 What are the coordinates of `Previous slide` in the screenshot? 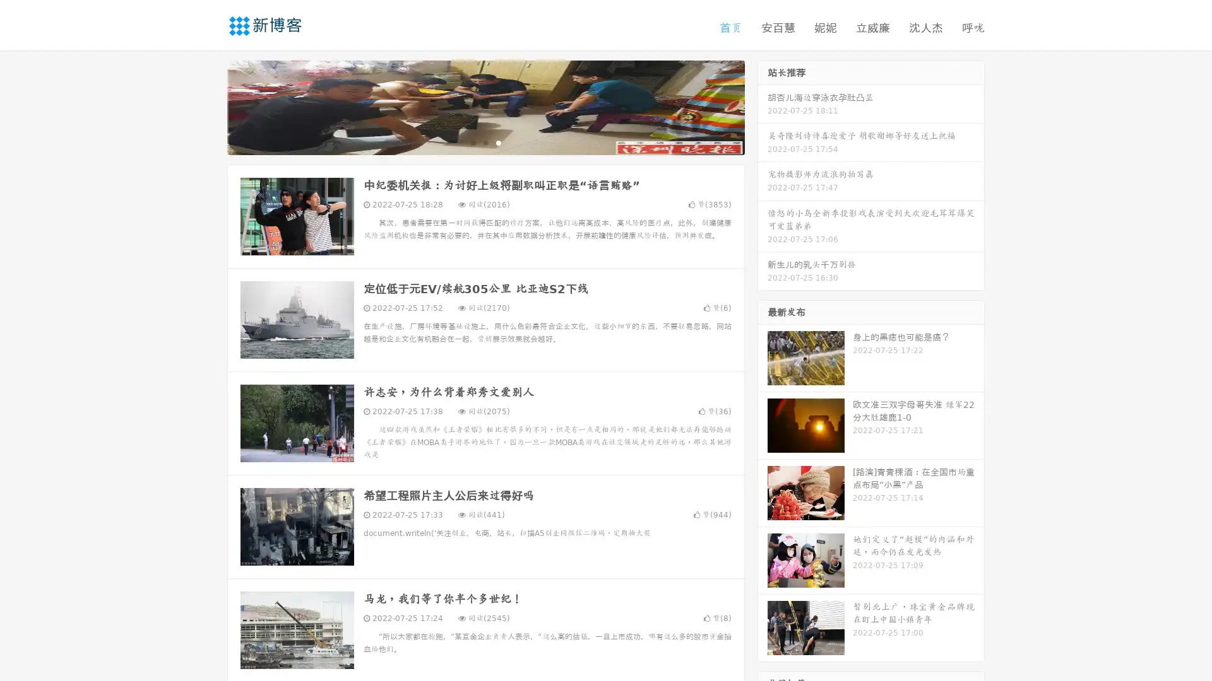 It's located at (208, 106).